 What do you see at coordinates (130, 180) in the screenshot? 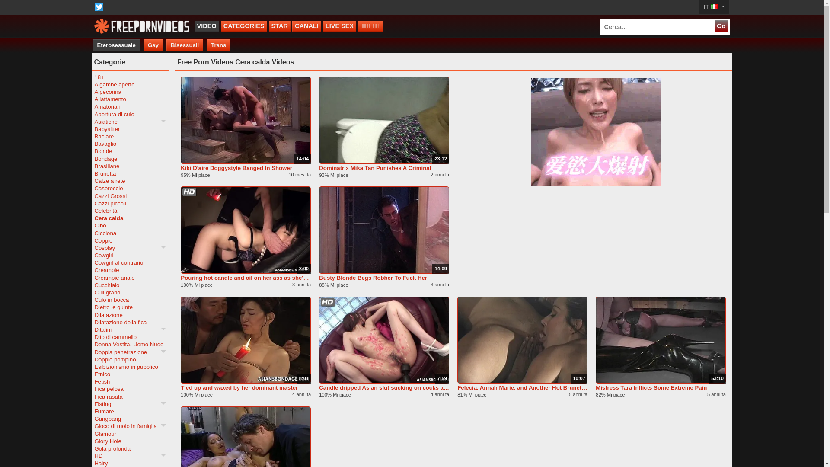
I see `'Calze a rete'` at bounding box center [130, 180].